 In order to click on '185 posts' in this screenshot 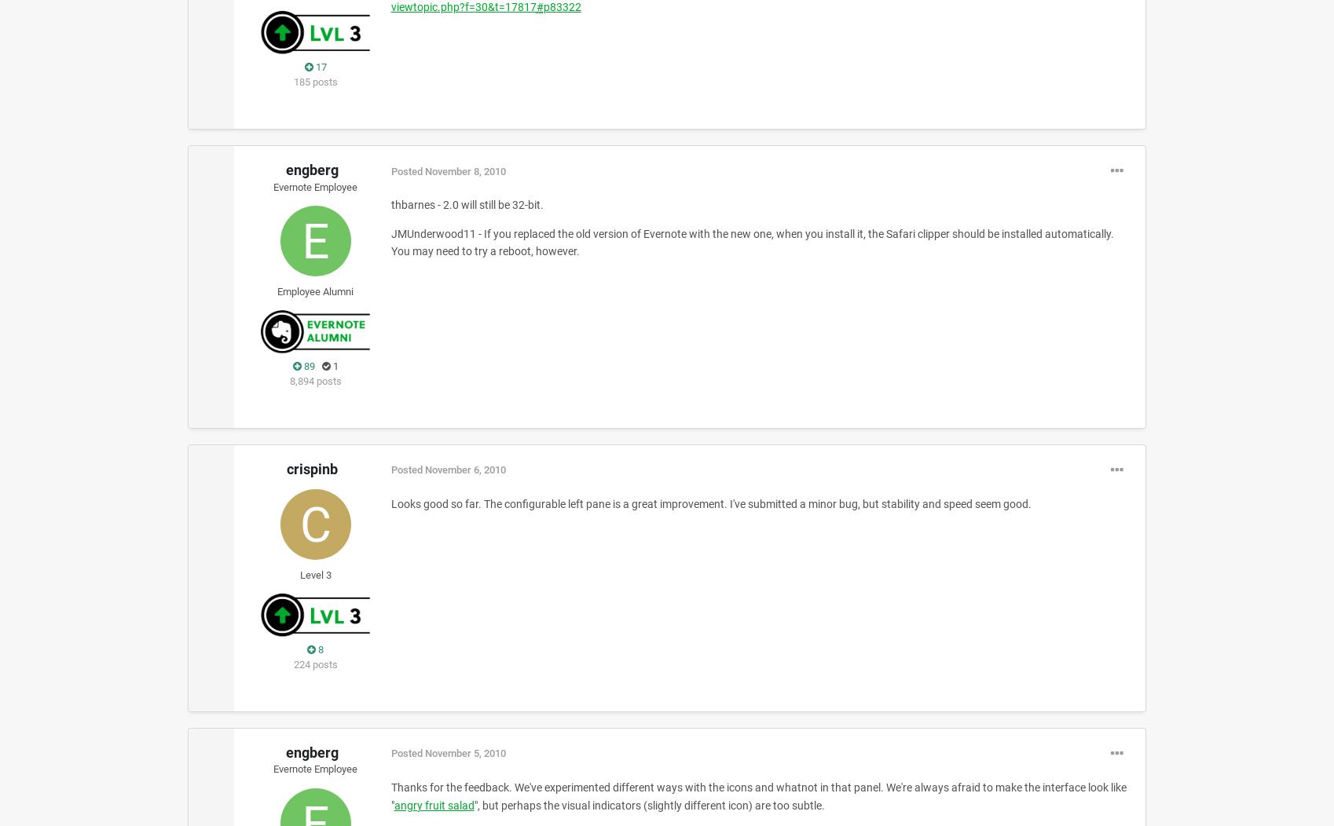, I will do `click(315, 82)`.